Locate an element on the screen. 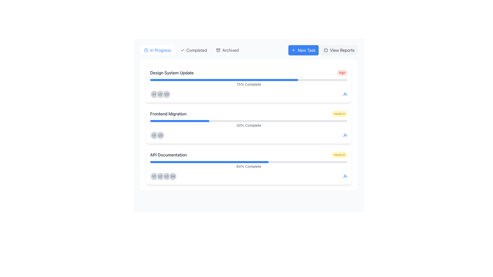 The height and width of the screenshot is (277, 493). the 'Completed' filter button, which is the second button among a group of three horizontally aligned buttons labeled 'In Progress', 'Completed', and 'Archived' is located at coordinates (191, 50).